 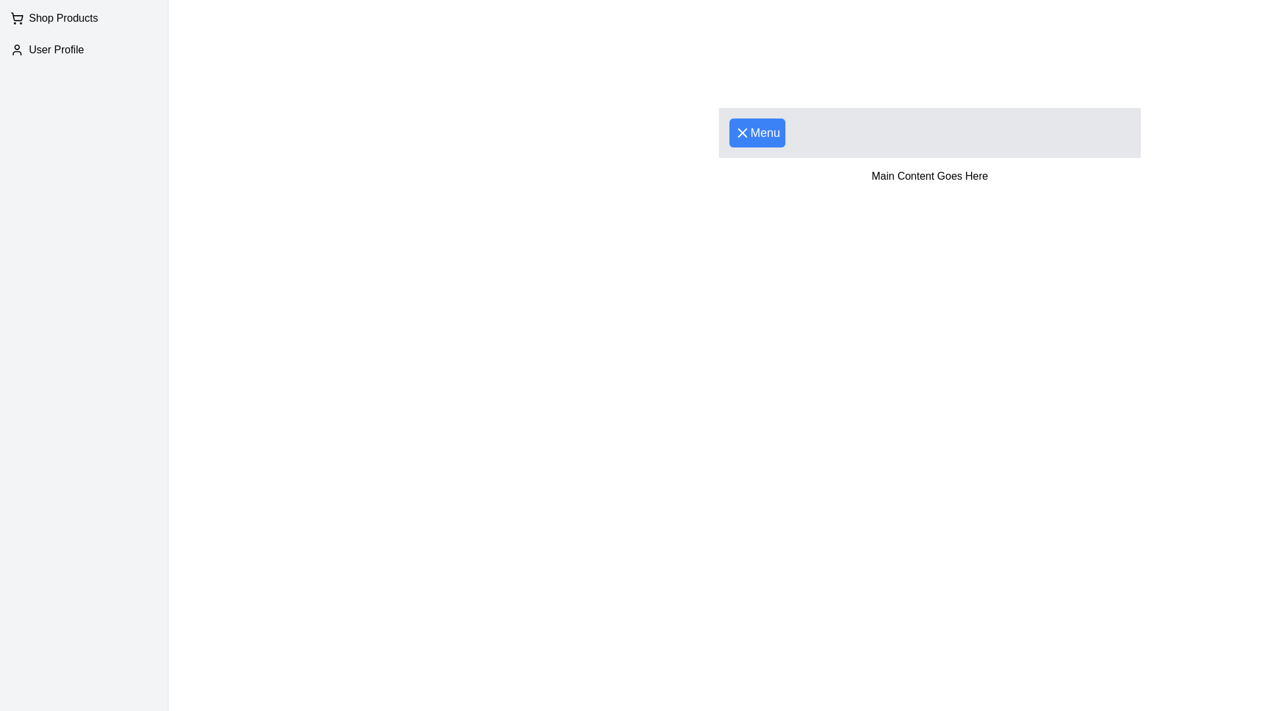 I want to click on the 'User Profile' text or its associated icon, so click(x=83, y=49).